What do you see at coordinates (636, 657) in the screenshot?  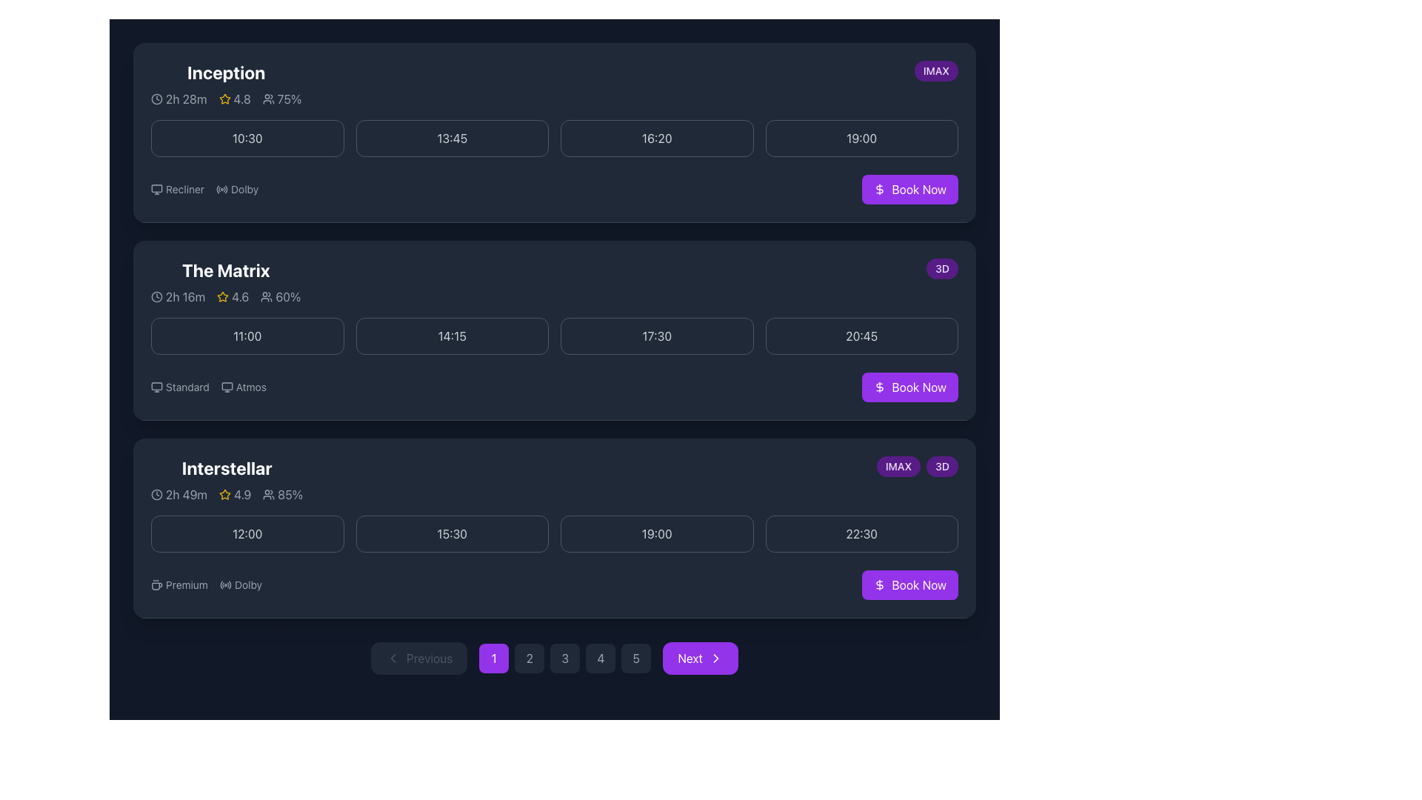 I see `the rounded square-shaped button with a dark gray background and the number '5' at its center` at bounding box center [636, 657].